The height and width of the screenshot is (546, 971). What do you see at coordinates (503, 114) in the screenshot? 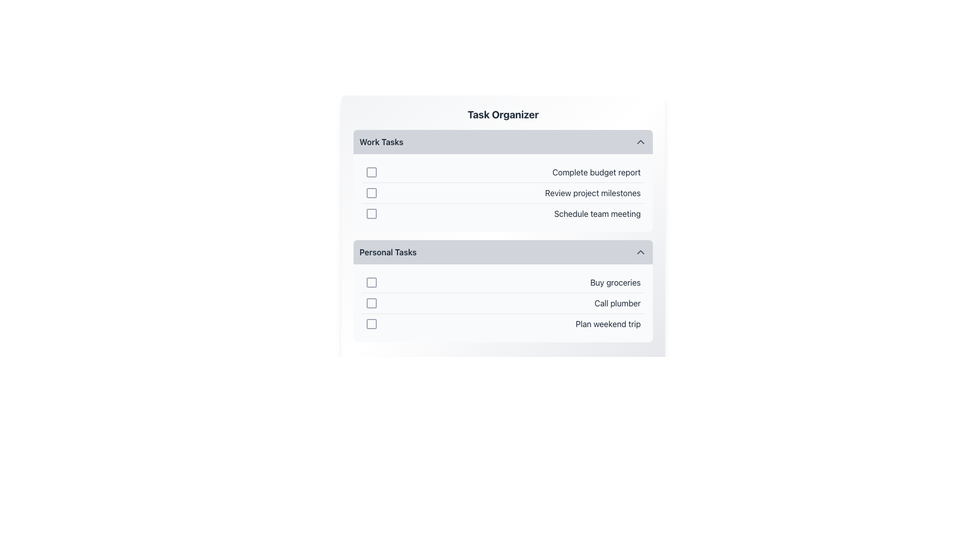
I see `text from the bold headline labeled 'Task Organizer', which is centrally positioned at the top of the card-like component` at bounding box center [503, 114].